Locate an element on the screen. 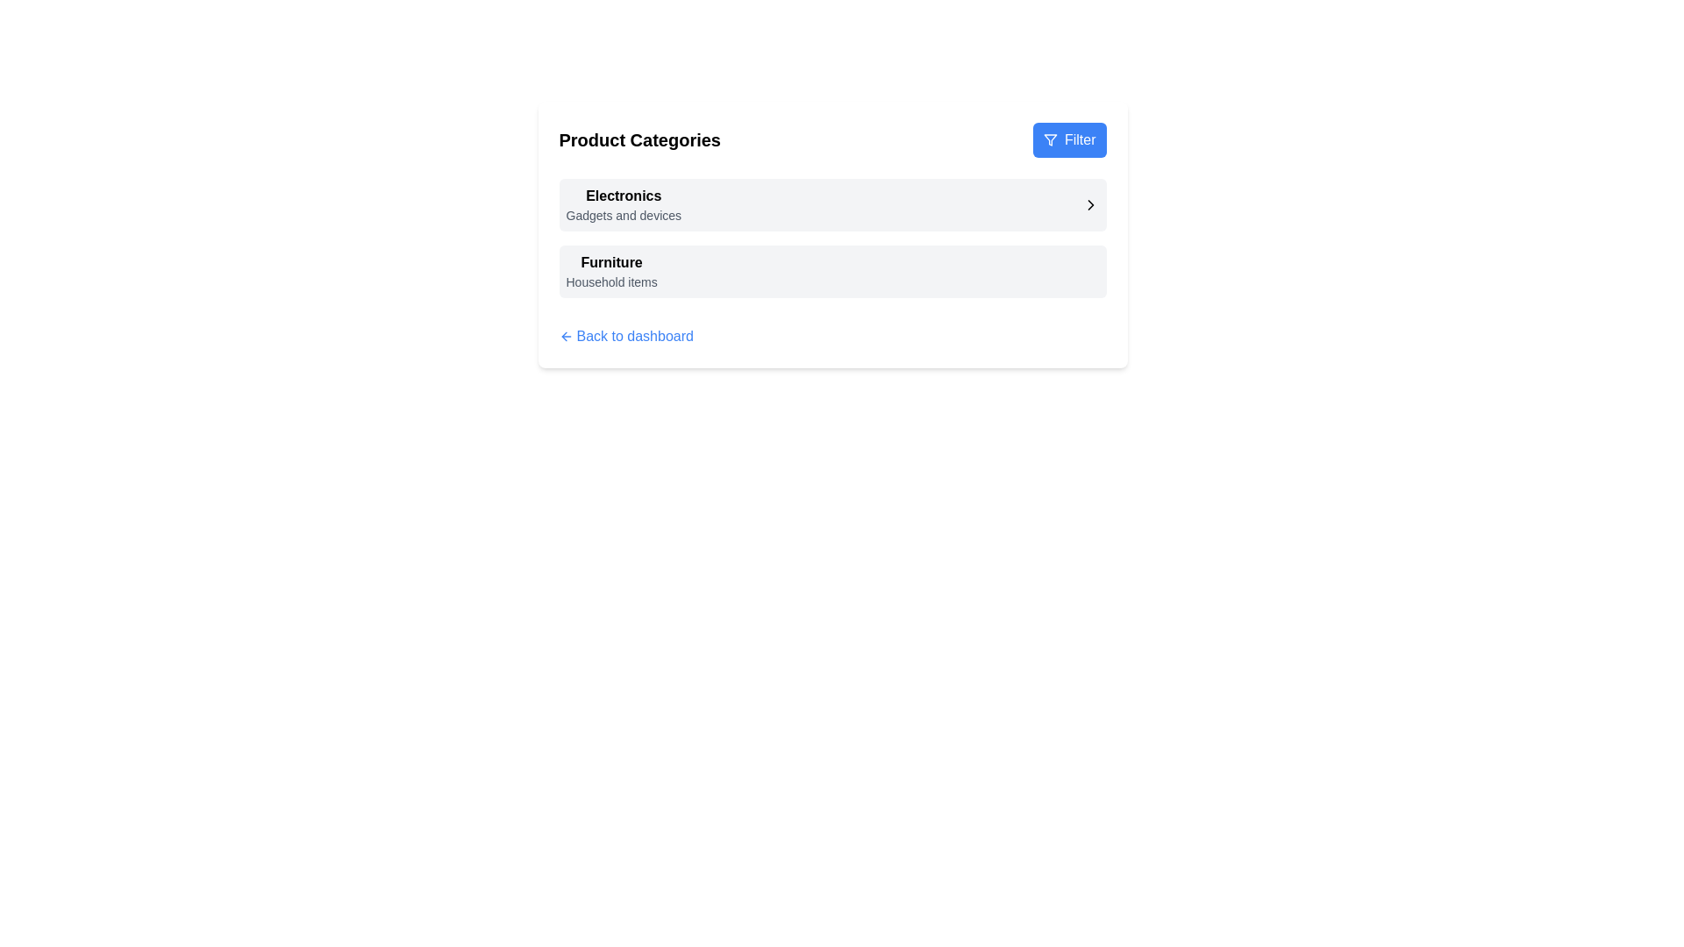  the 'Furniture' text label which represents a category in the navigation list and provides context about 'Household items' is located at coordinates (611, 271).